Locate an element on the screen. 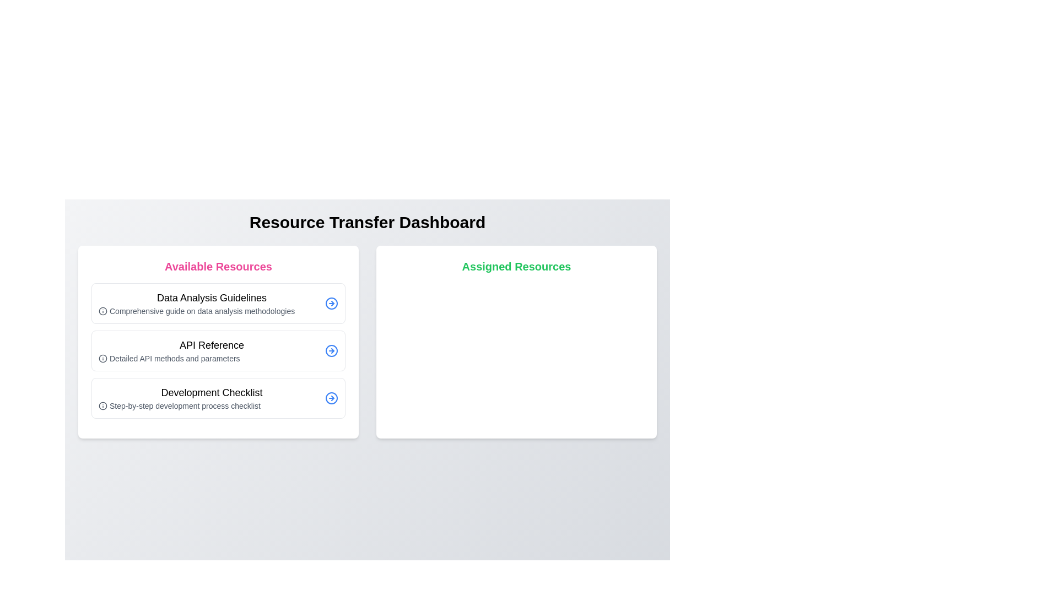 This screenshot has height=595, width=1058. the central SVG Circle Element in the 'API Reference' icon located in the 'Available Resources' section is located at coordinates (331, 350).